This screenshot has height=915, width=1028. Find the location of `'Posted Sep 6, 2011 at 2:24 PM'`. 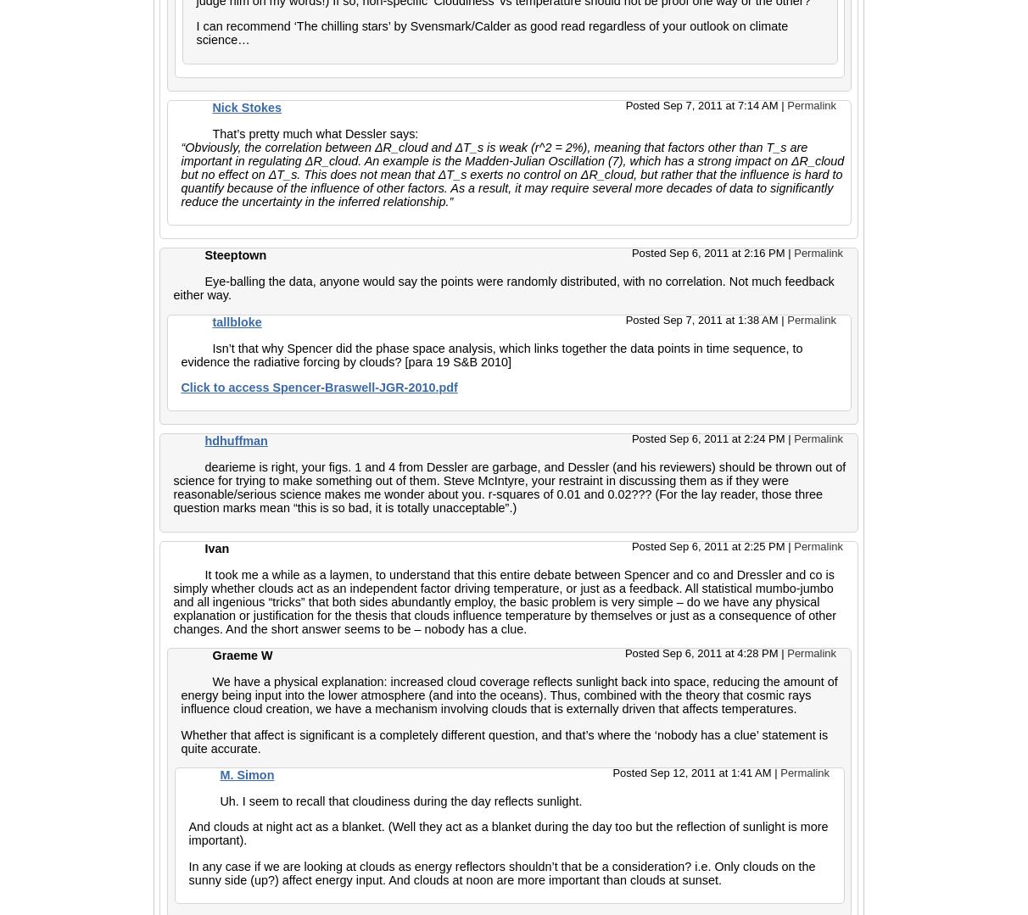

'Posted Sep 6, 2011 at 2:24 PM' is located at coordinates (631, 438).